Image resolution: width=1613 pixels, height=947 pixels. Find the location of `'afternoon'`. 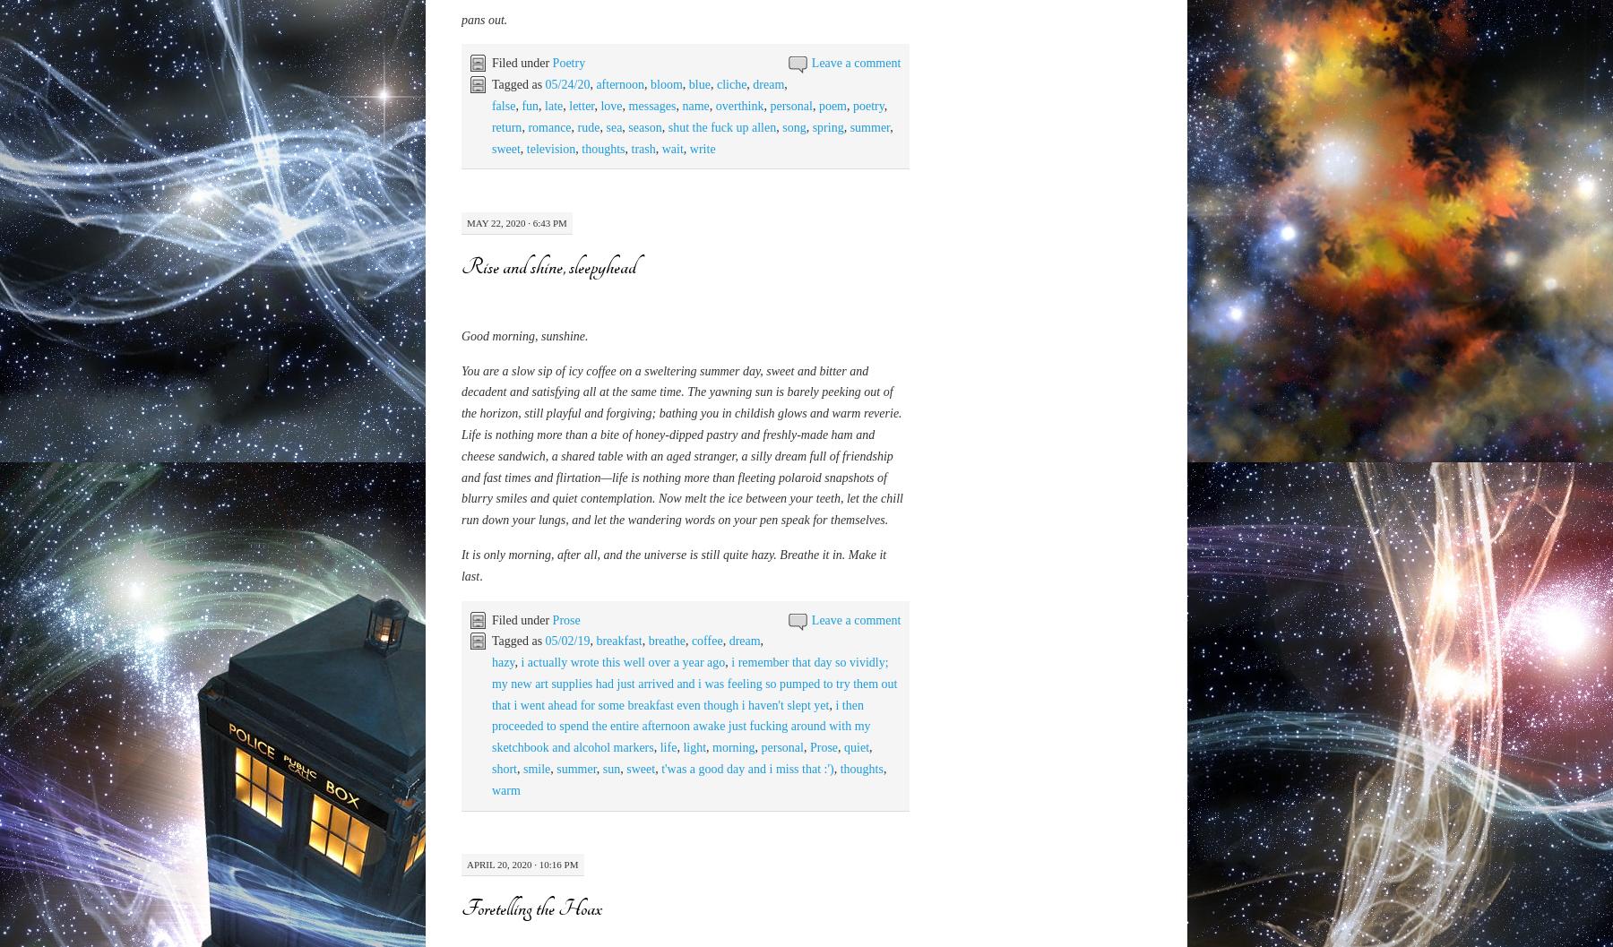

'afternoon' is located at coordinates (618, 809).